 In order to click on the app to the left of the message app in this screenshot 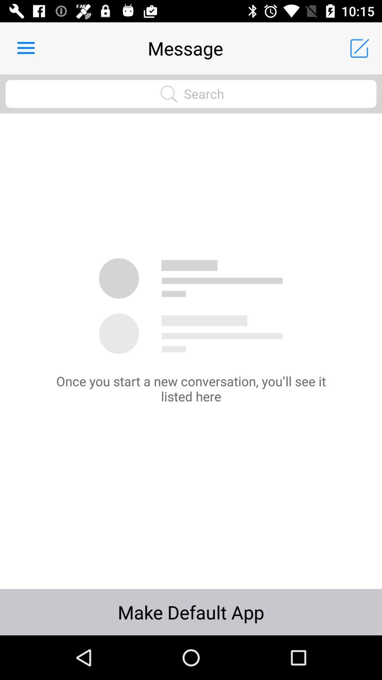, I will do `click(25, 48)`.